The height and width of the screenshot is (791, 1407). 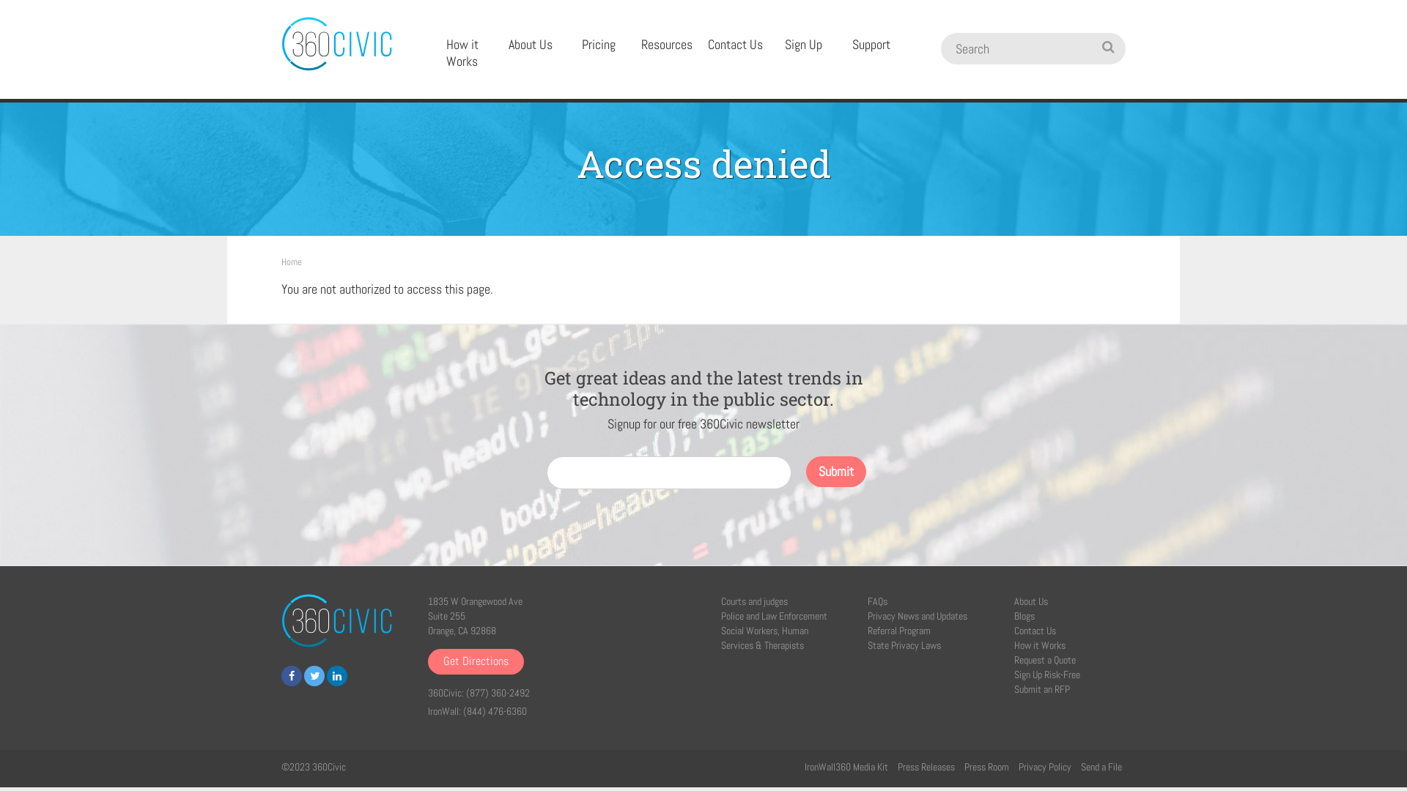 I want to click on 'Home', so click(x=292, y=261).